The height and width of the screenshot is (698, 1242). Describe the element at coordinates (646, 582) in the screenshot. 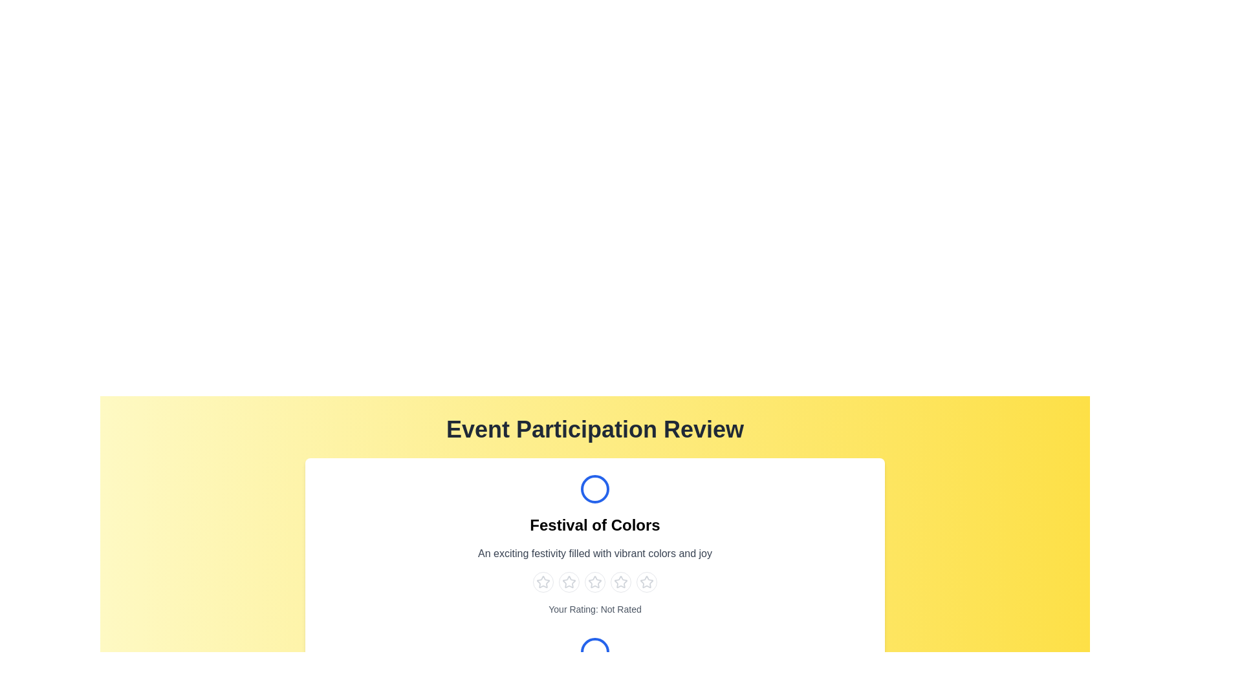

I see `the star corresponding to the rating 5 for the event` at that location.